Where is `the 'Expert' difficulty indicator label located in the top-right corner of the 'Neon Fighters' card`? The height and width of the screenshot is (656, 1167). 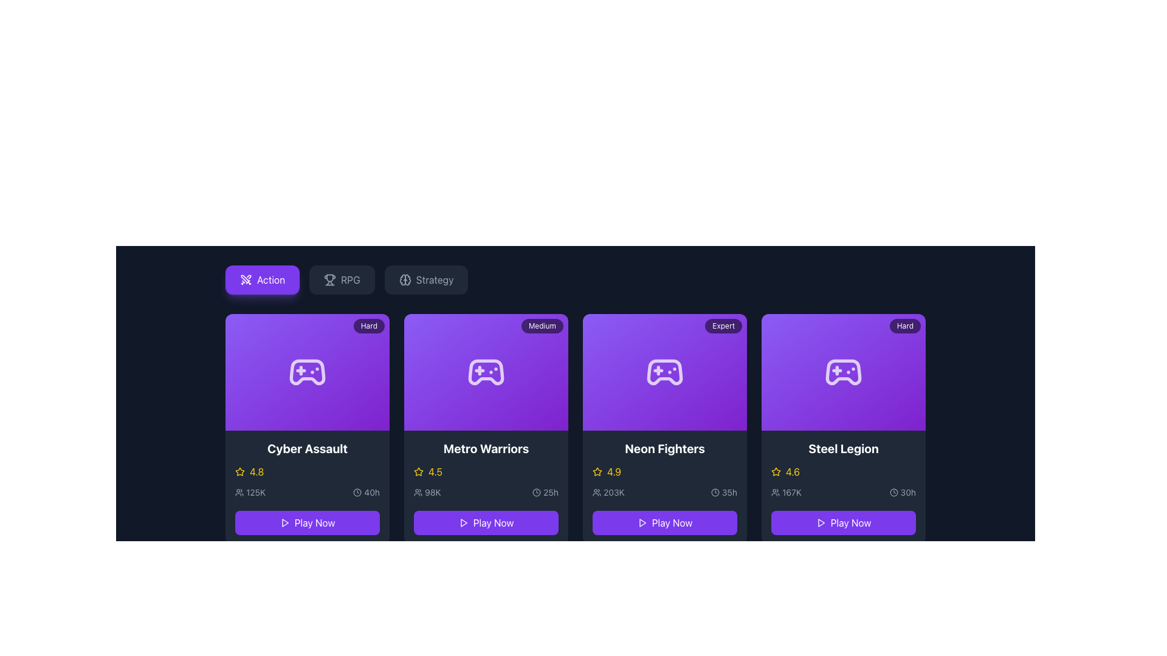
the 'Expert' difficulty indicator label located in the top-right corner of the 'Neon Fighters' card is located at coordinates (723, 325).